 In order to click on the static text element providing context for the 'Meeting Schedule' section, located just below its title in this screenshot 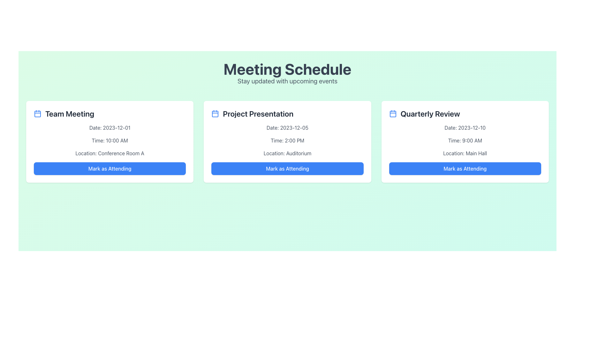, I will do `click(287, 81)`.